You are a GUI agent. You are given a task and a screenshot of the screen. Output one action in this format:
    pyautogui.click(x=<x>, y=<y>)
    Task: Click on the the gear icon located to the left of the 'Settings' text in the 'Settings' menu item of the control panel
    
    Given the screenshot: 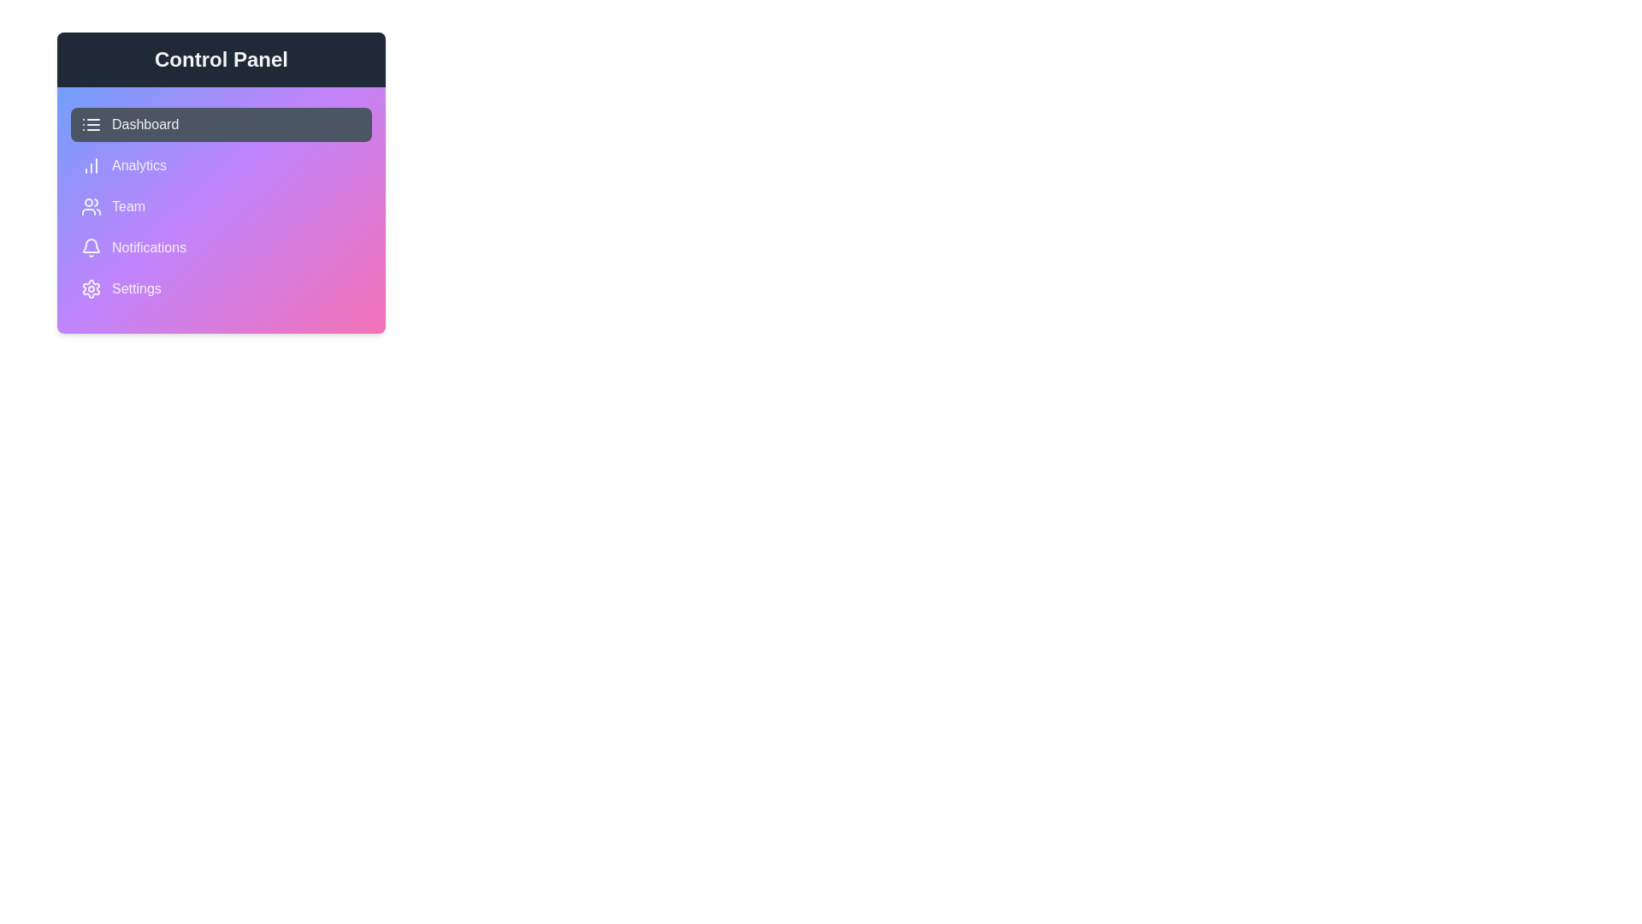 What is the action you would take?
    pyautogui.click(x=90, y=288)
    